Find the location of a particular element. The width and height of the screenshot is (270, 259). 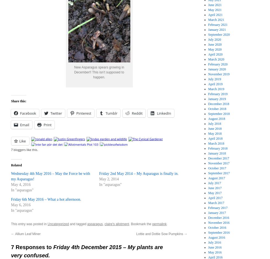

'October 2018' is located at coordinates (217, 109).